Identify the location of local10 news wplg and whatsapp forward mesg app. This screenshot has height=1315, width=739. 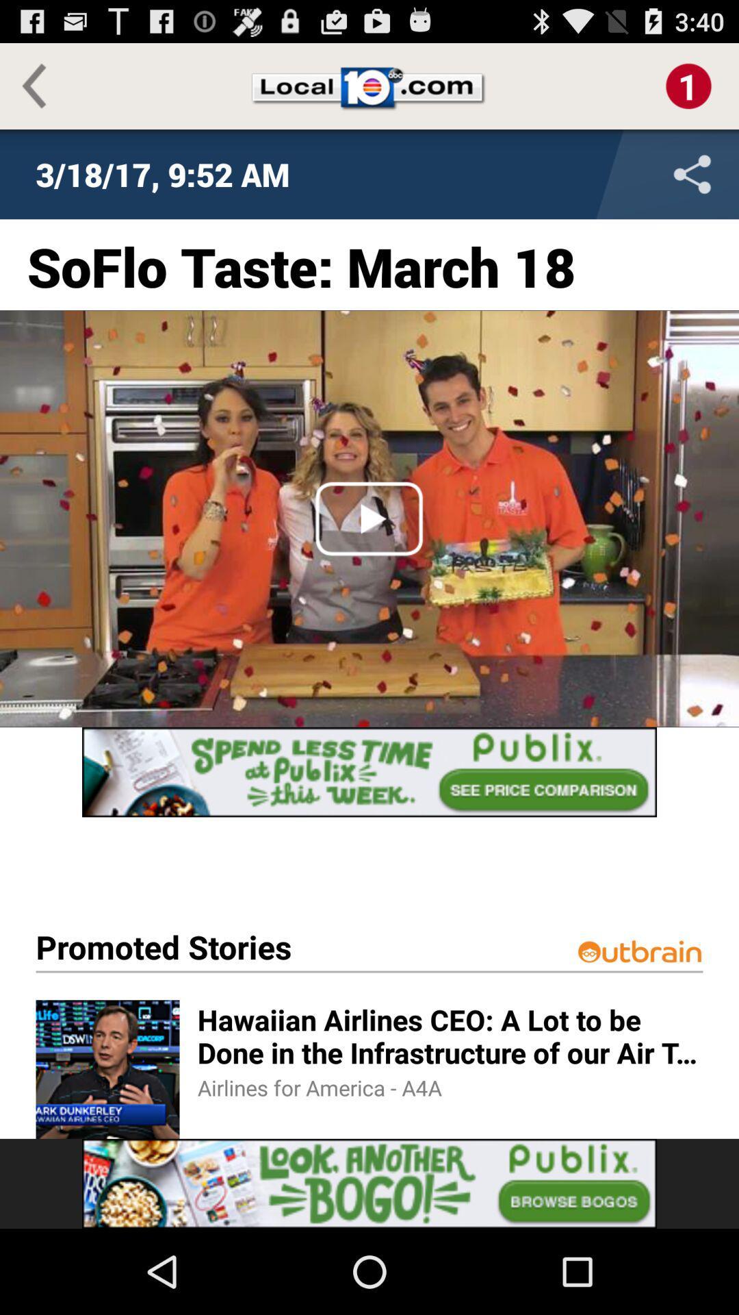
(601, 173).